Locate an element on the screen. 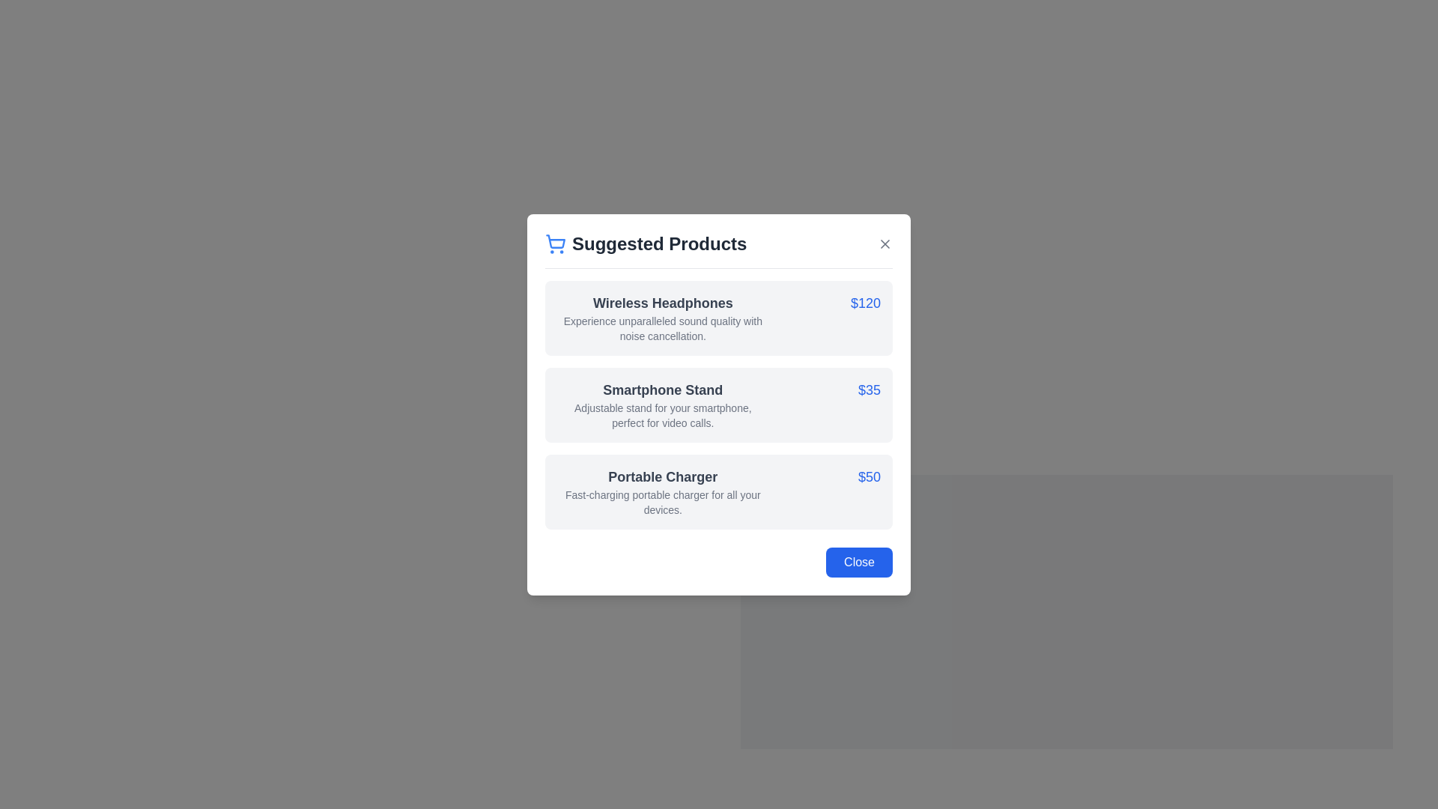  the 'Wireless Headphones' text label is located at coordinates (662, 303).